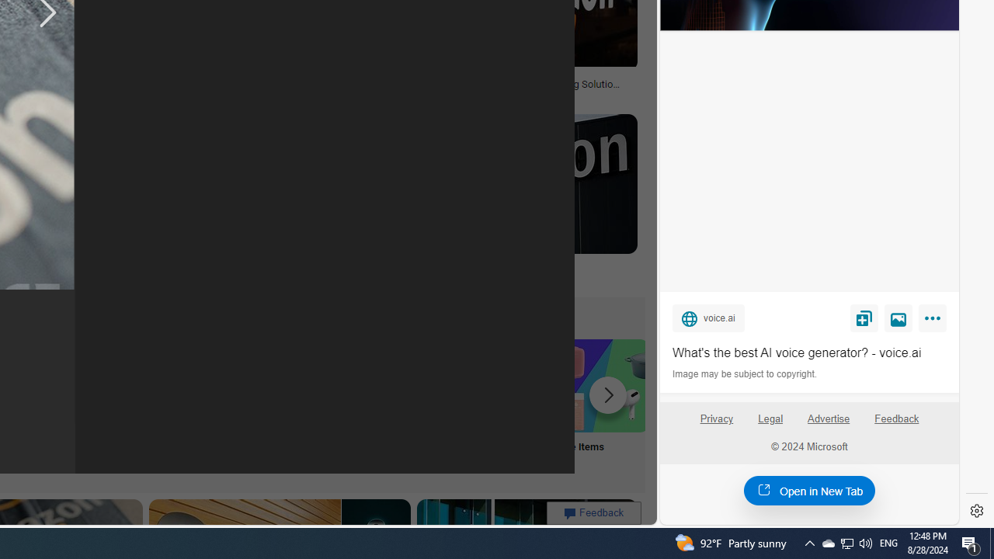  What do you see at coordinates (601, 404) in the screenshot?
I see `'Sale Items'` at bounding box center [601, 404].